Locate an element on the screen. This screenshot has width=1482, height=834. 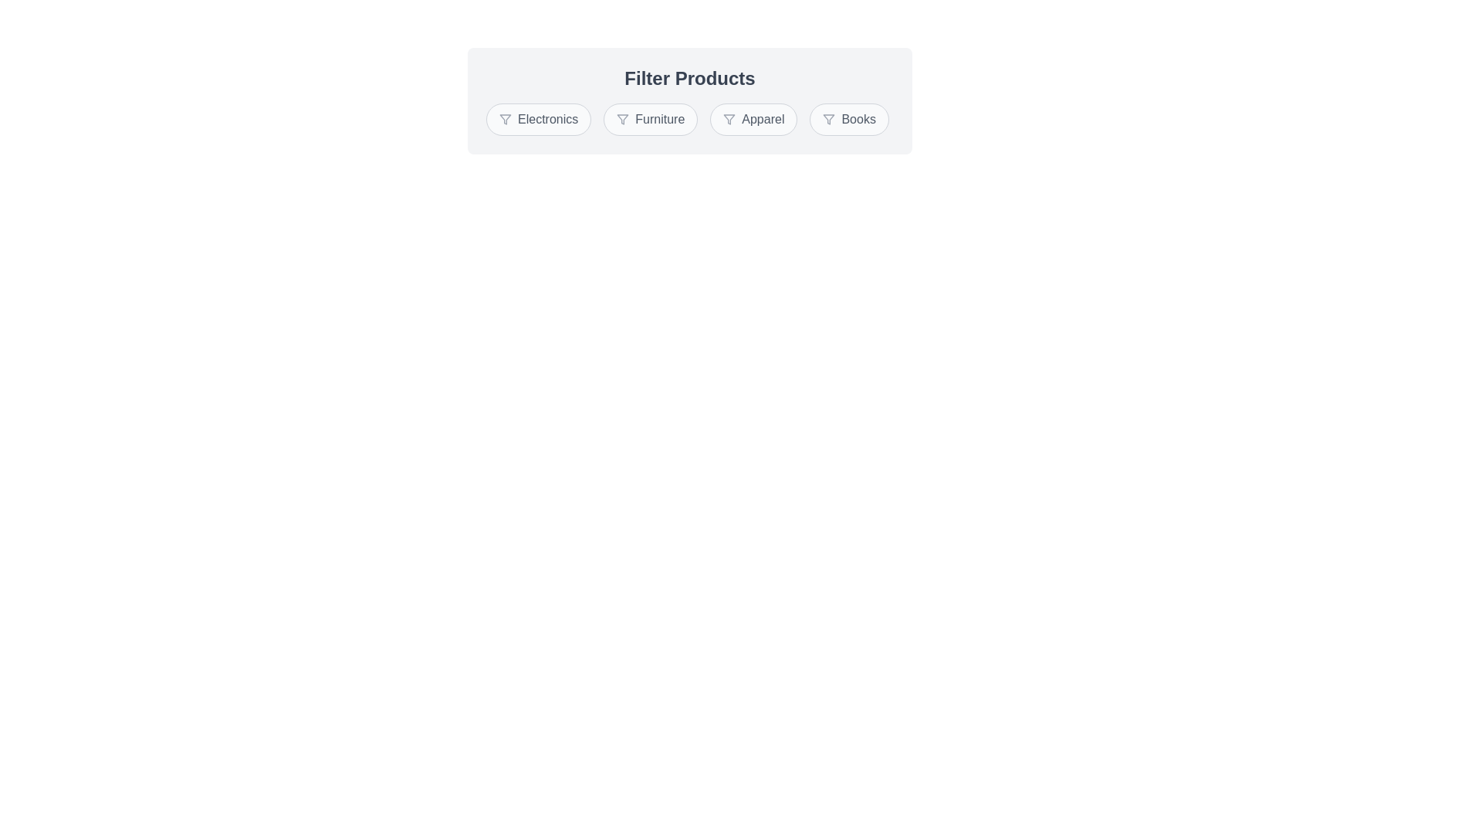
the icon inside the chip labeled Apparel is located at coordinates (729, 118).